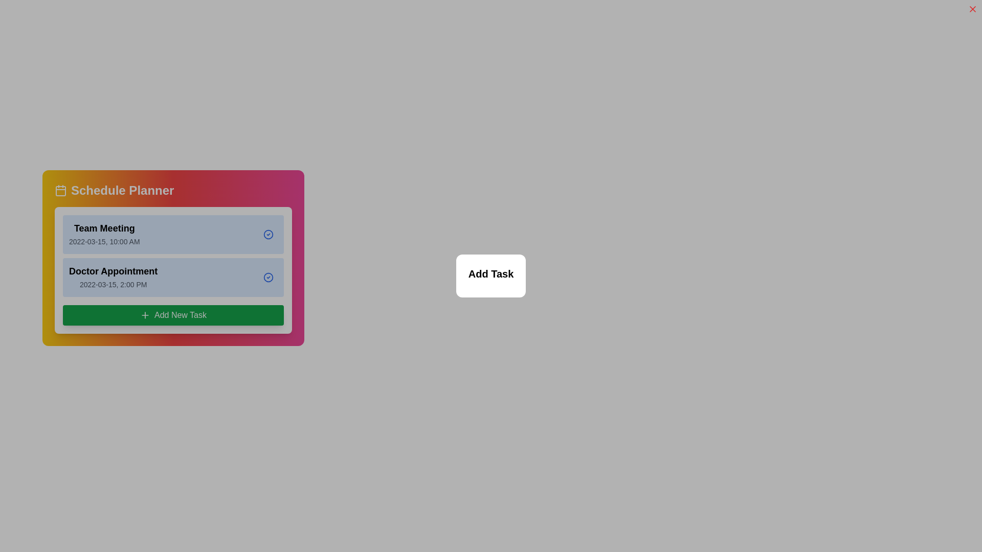 This screenshot has width=982, height=552. Describe the element at coordinates (60, 191) in the screenshot. I see `the decorative component within the calendar icon, located in the top-left corner adjacent to 'Schedule Planner'` at that location.